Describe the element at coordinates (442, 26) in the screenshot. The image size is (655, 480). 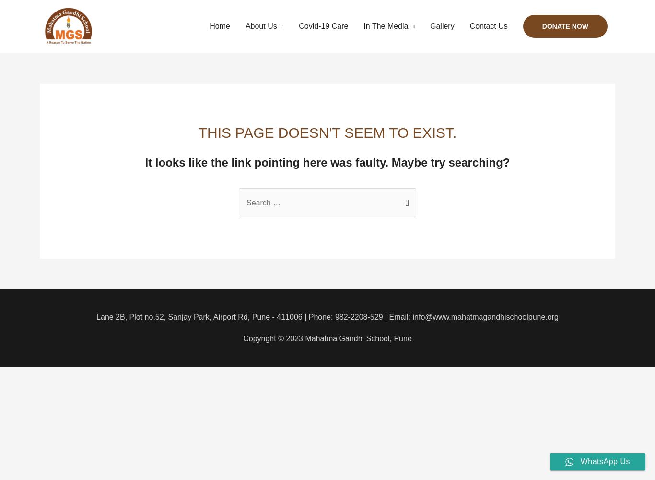
I see `'Gallery'` at that location.